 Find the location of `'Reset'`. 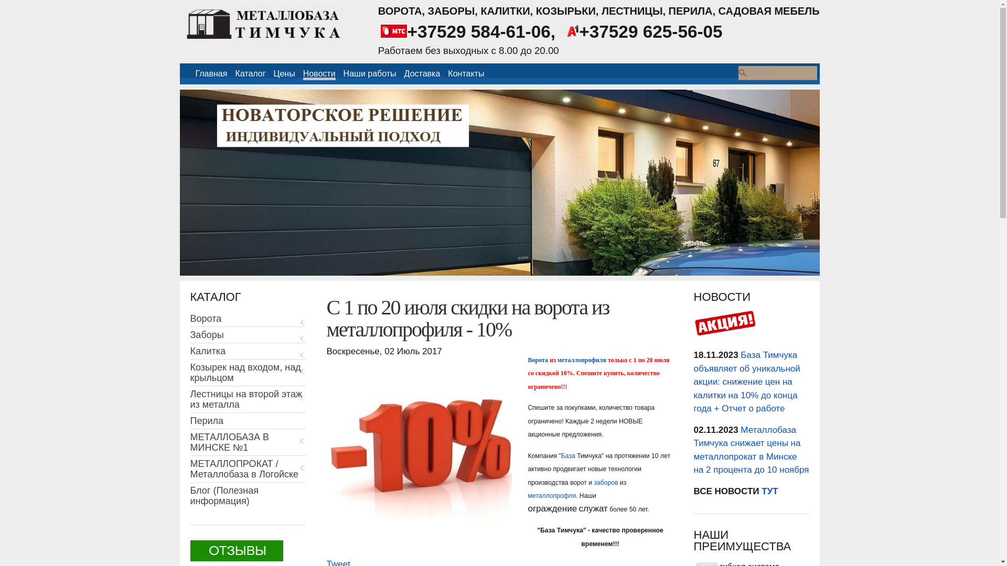

'Reset' is located at coordinates (2, 2).